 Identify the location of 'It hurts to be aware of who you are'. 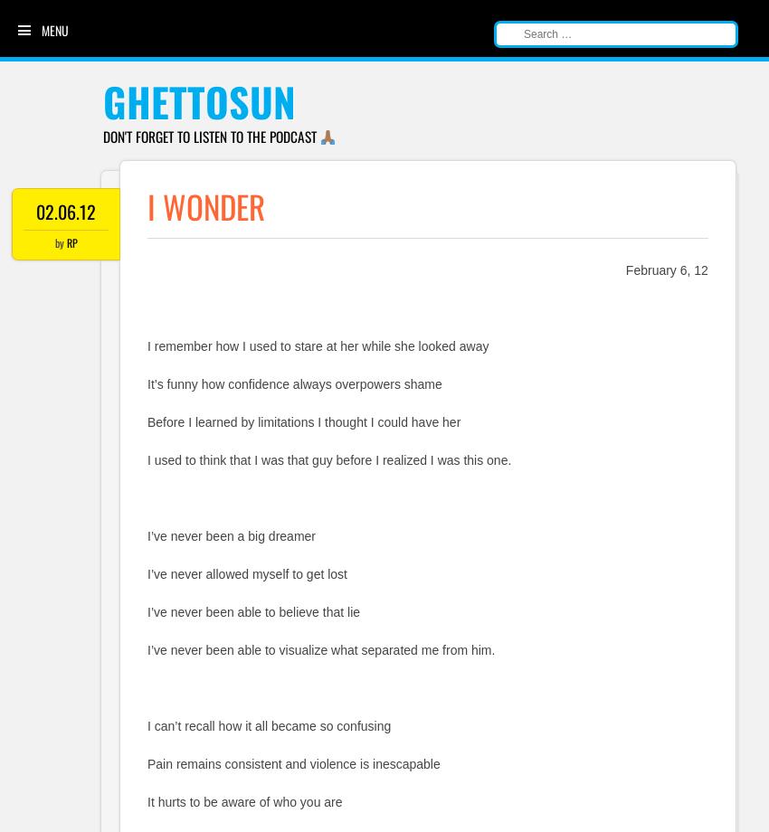
(243, 800).